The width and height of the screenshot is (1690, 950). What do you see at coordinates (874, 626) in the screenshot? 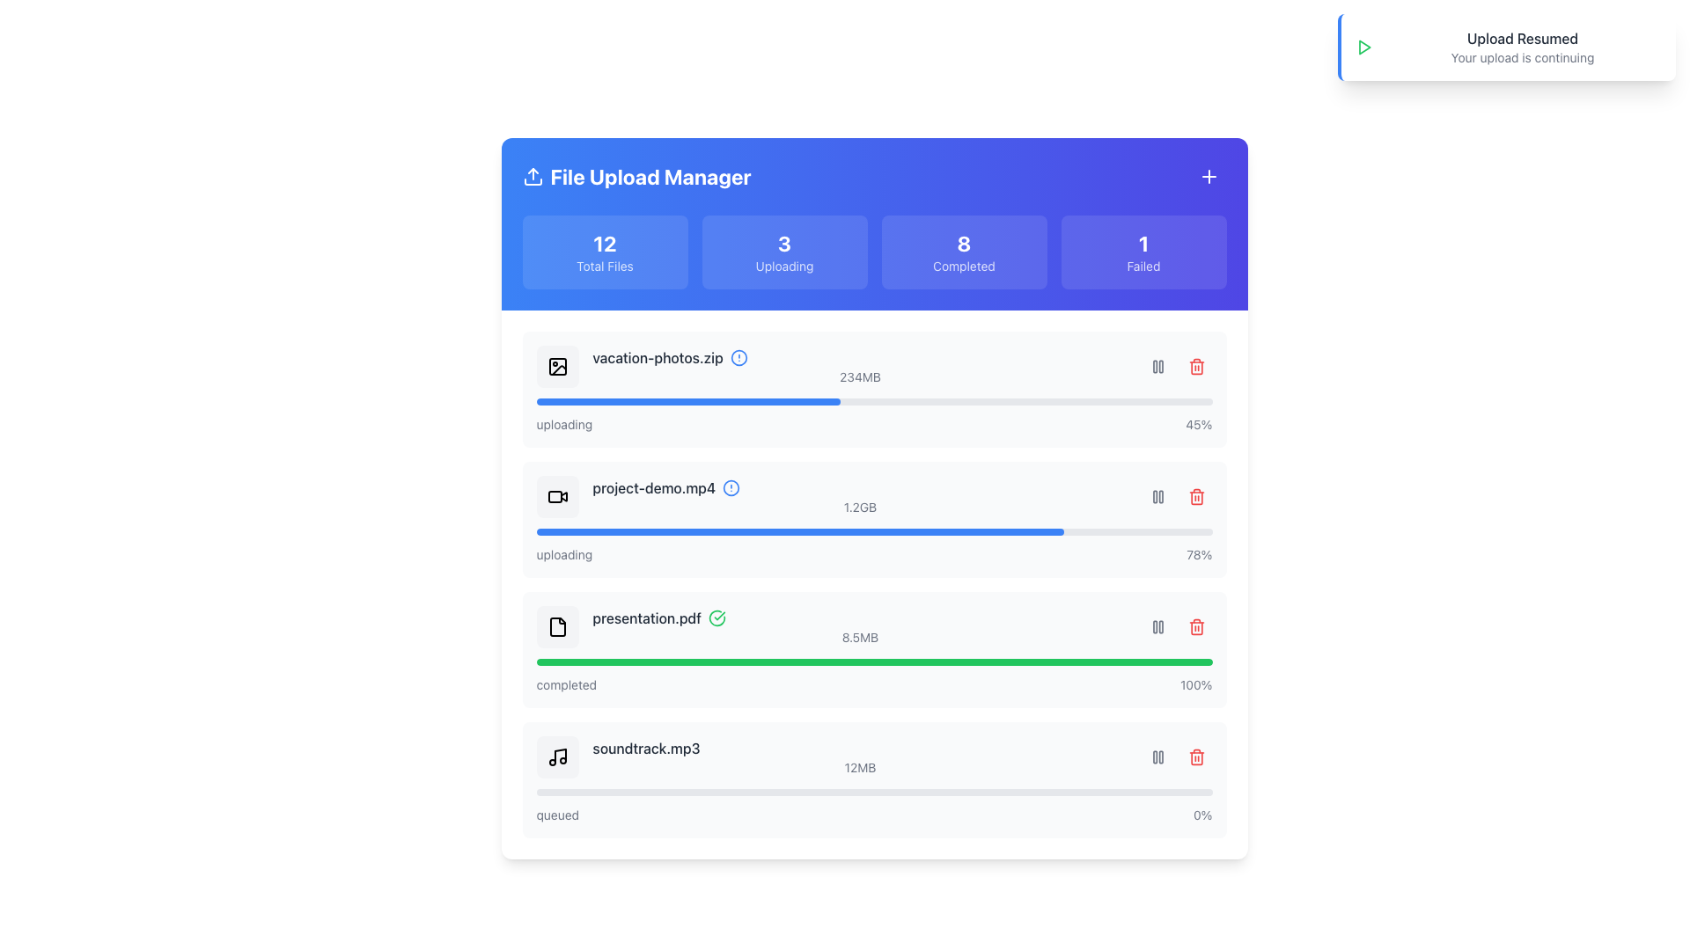
I see `the third entry in the file list, which displays information about a file including its name, size, and status, indicated by a green checkmark for successful completion` at bounding box center [874, 626].